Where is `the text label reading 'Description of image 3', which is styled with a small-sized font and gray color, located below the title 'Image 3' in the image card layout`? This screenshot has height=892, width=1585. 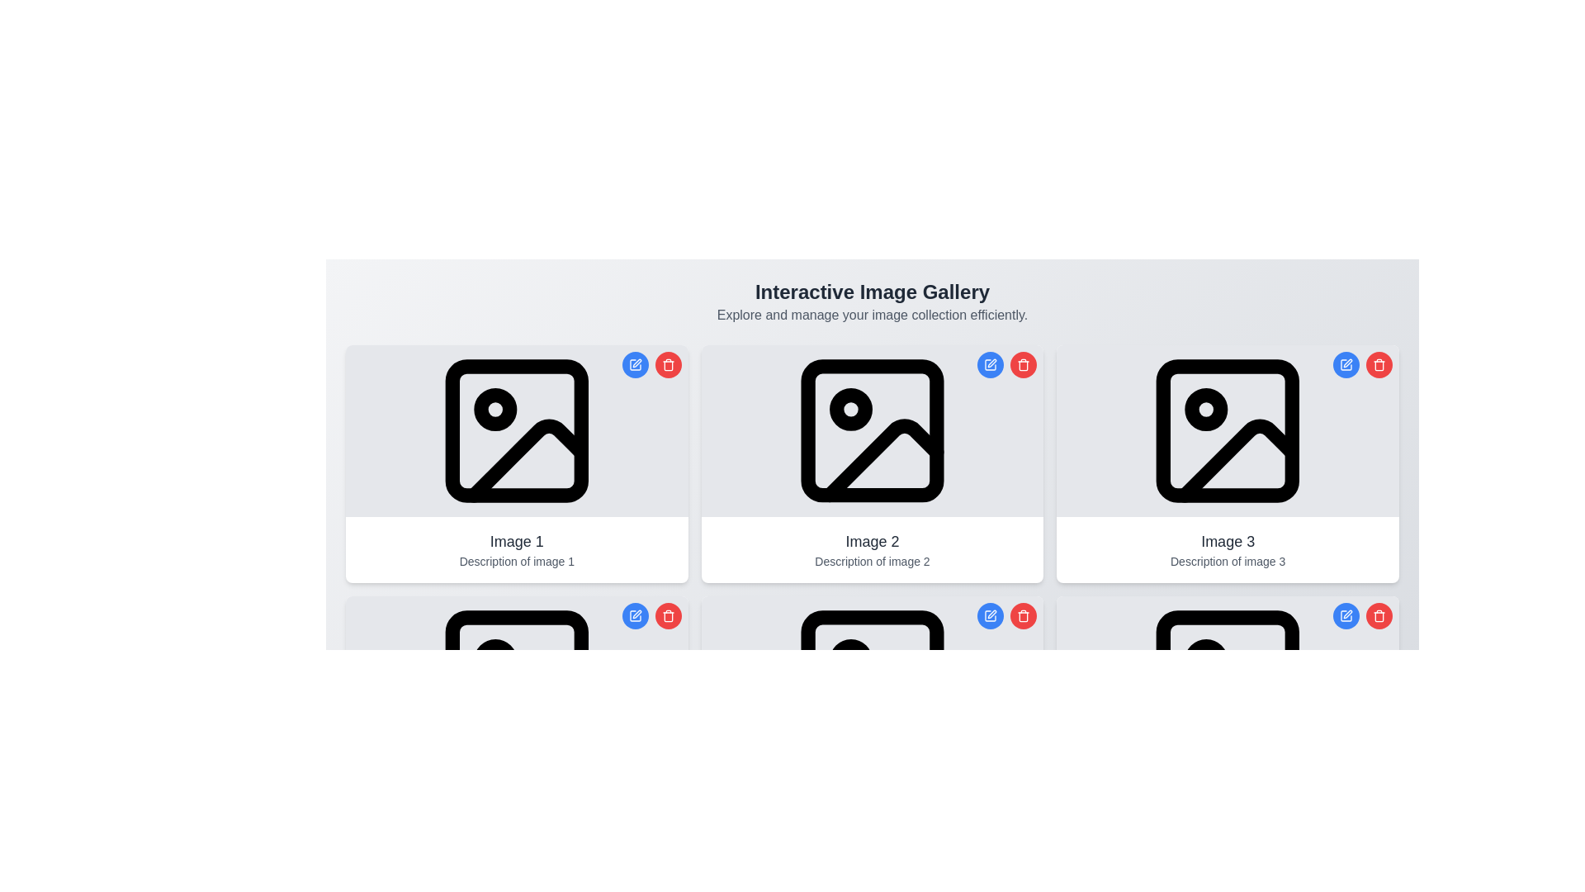
the text label reading 'Description of image 3', which is styled with a small-sized font and gray color, located below the title 'Image 3' in the image card layout is located at coordinates (1228, 560).